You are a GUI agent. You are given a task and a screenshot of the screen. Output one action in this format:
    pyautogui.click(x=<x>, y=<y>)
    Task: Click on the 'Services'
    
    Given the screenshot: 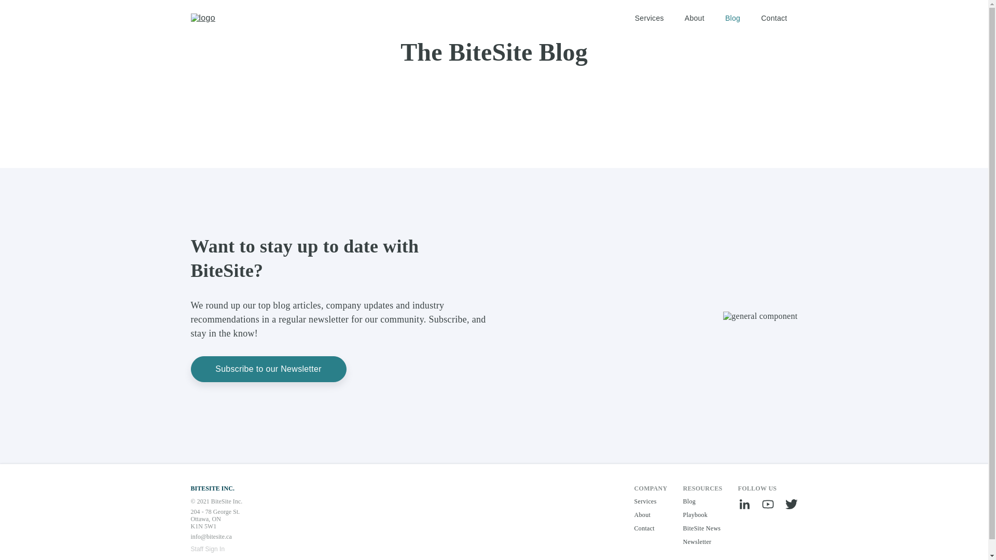 What is the action you would take?
    pyautogui.click(x=650, y=501)
    